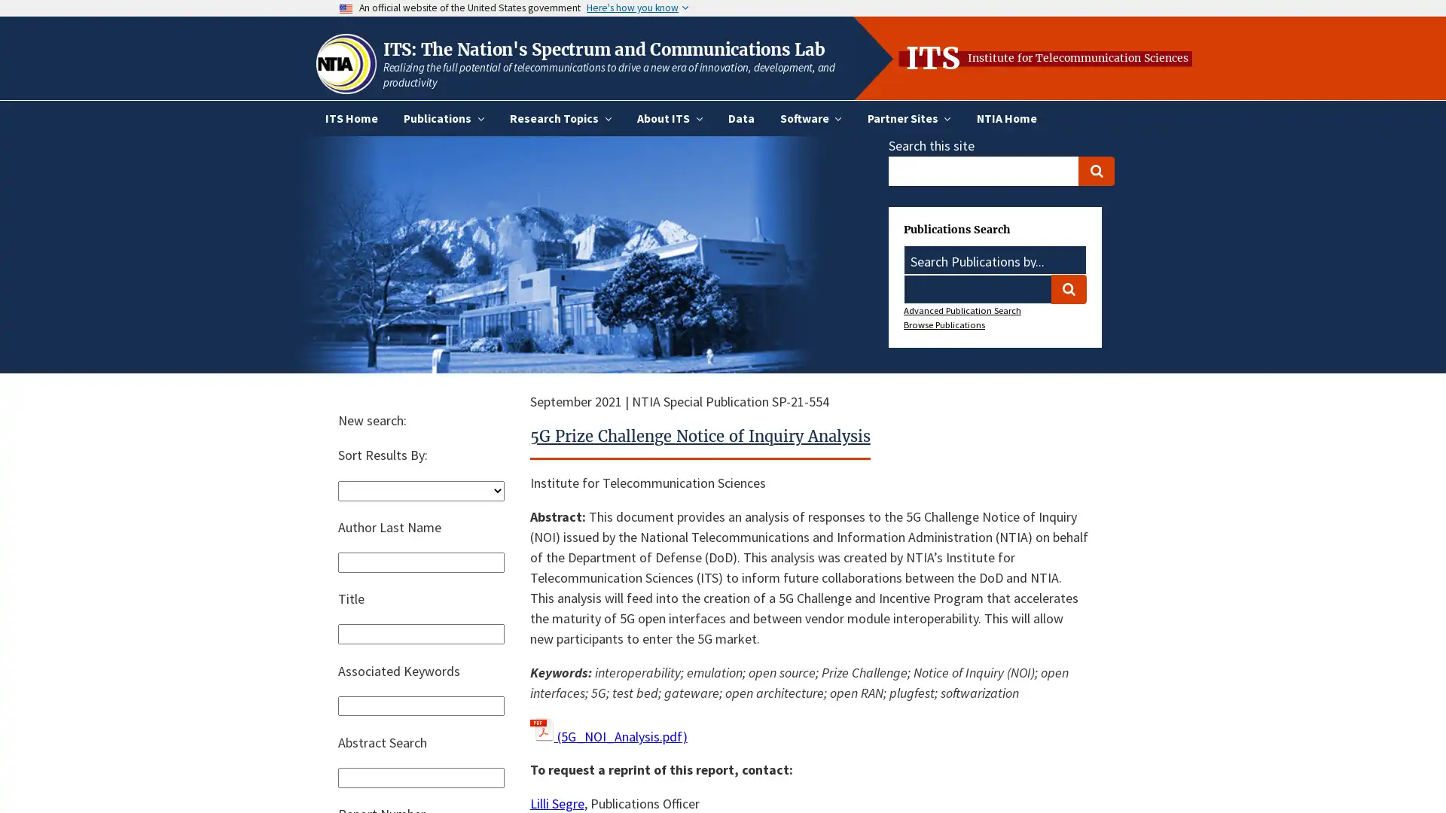 The height and width of the screenshot is (813, 1446). I want to click on Publications, so click(443, 117).